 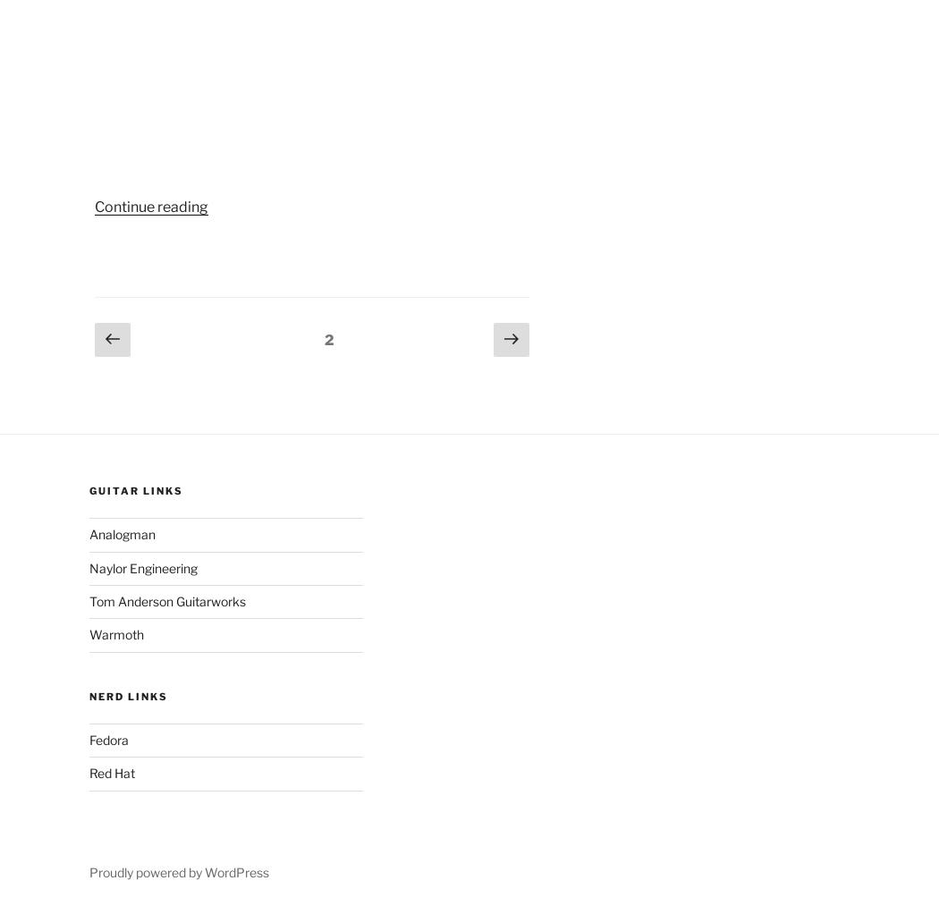 I want to click on 'Naylor Engineering', so click(x=142, y=566).